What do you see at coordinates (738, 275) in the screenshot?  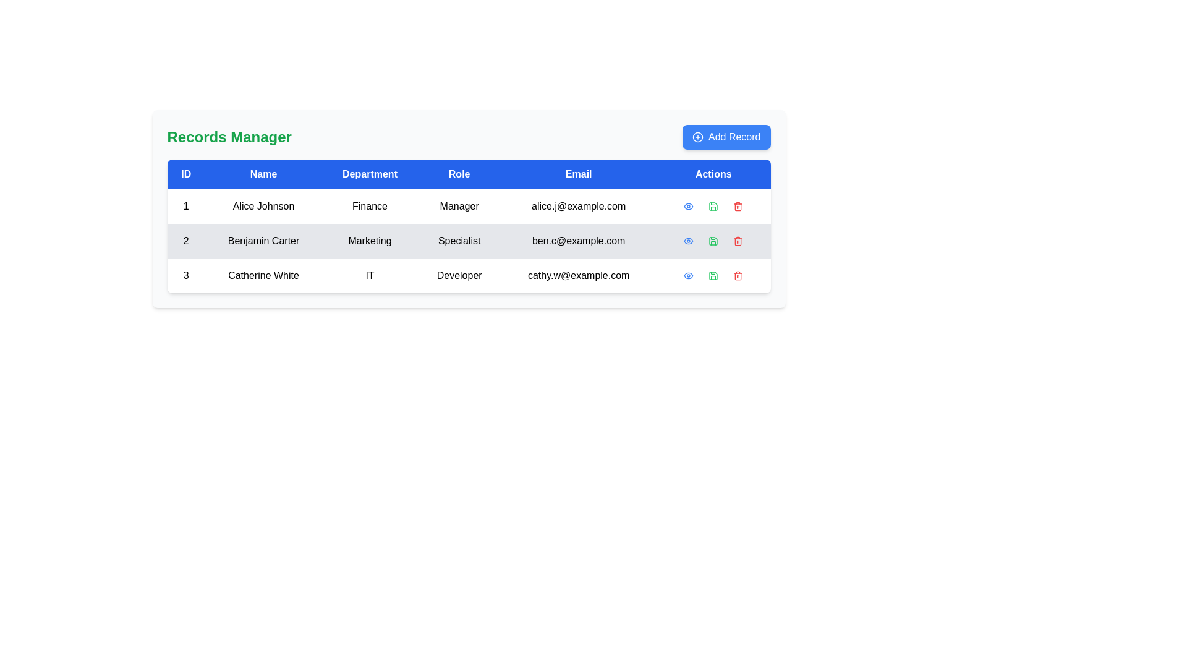 I see `the delete button for the record associated with Catherine White, which is the third interactive element in the last column of the third row in the table layout` at bounding box center [738, 275].